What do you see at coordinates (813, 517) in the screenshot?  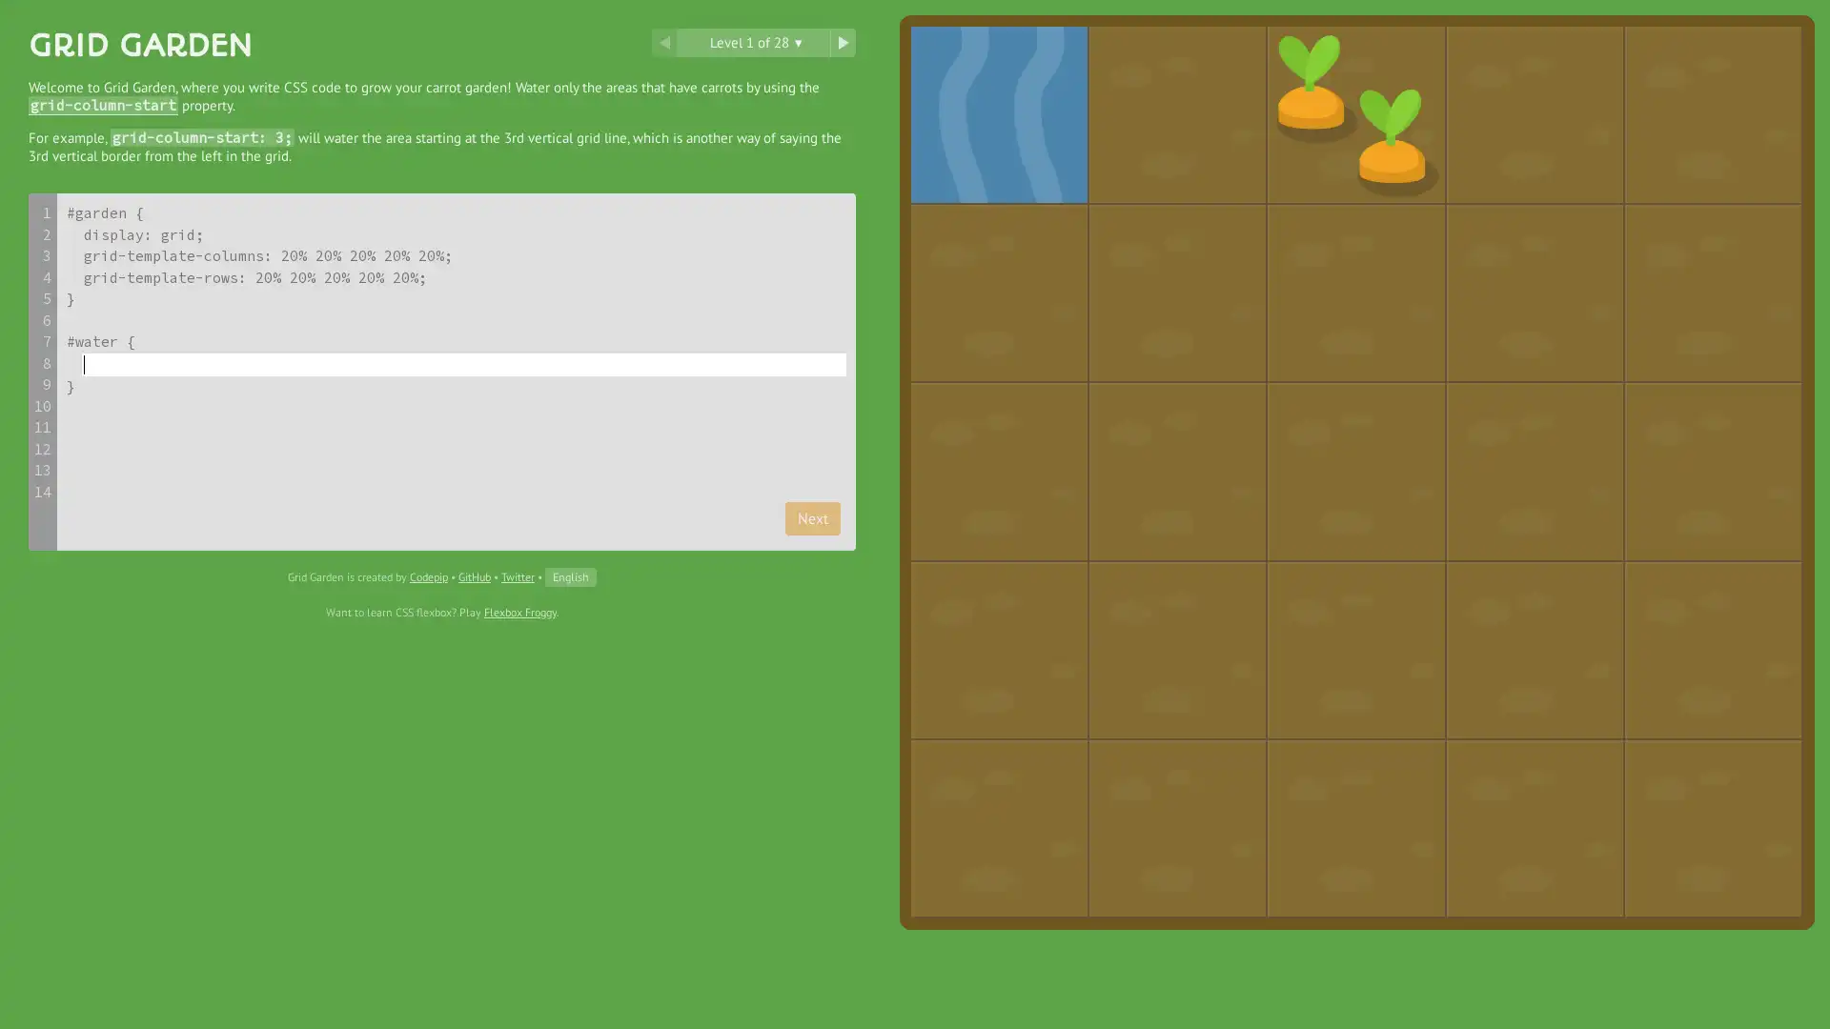 I see `Next` at bounding box center [813, 517].